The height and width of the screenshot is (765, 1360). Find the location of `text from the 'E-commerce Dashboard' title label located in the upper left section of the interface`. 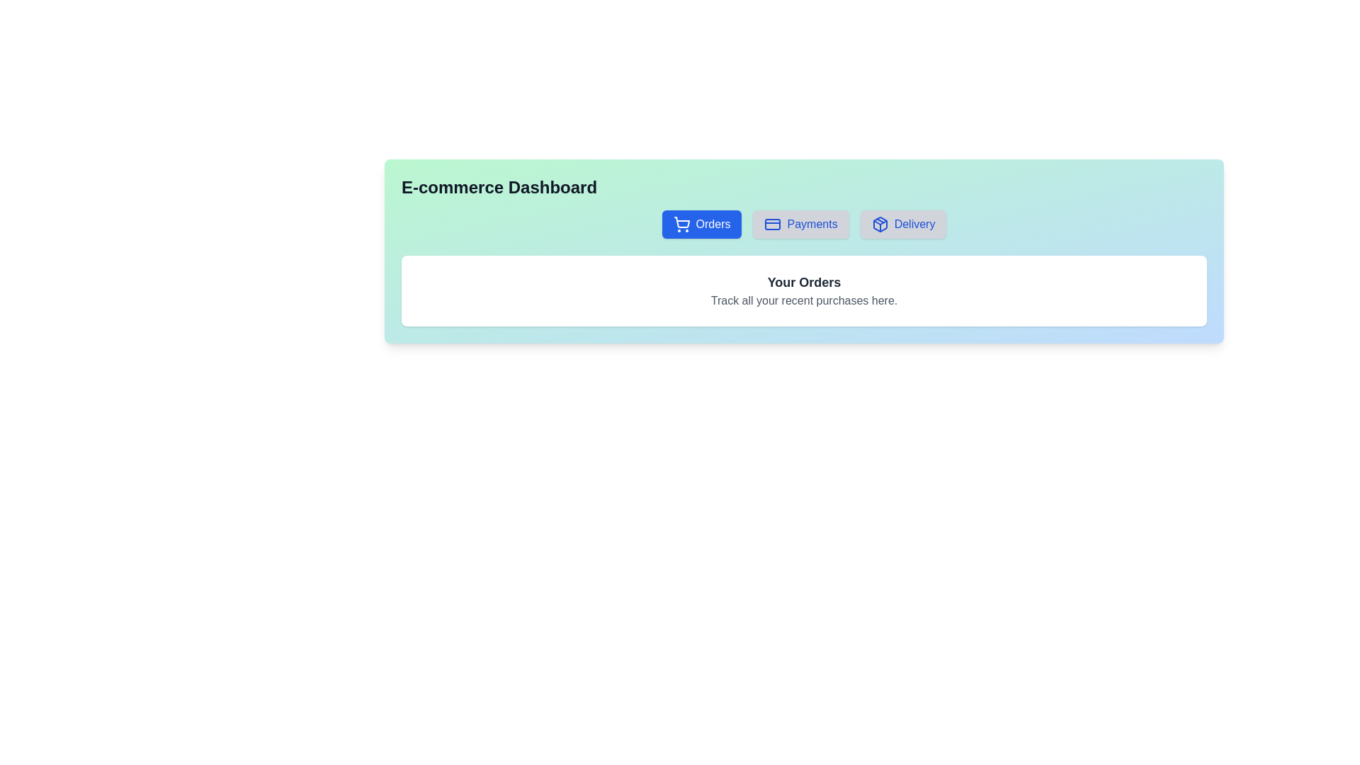

text from the 'E-commerce Dashboard' title label located in the upper left section of the interface is located at coordinates (499, 187).